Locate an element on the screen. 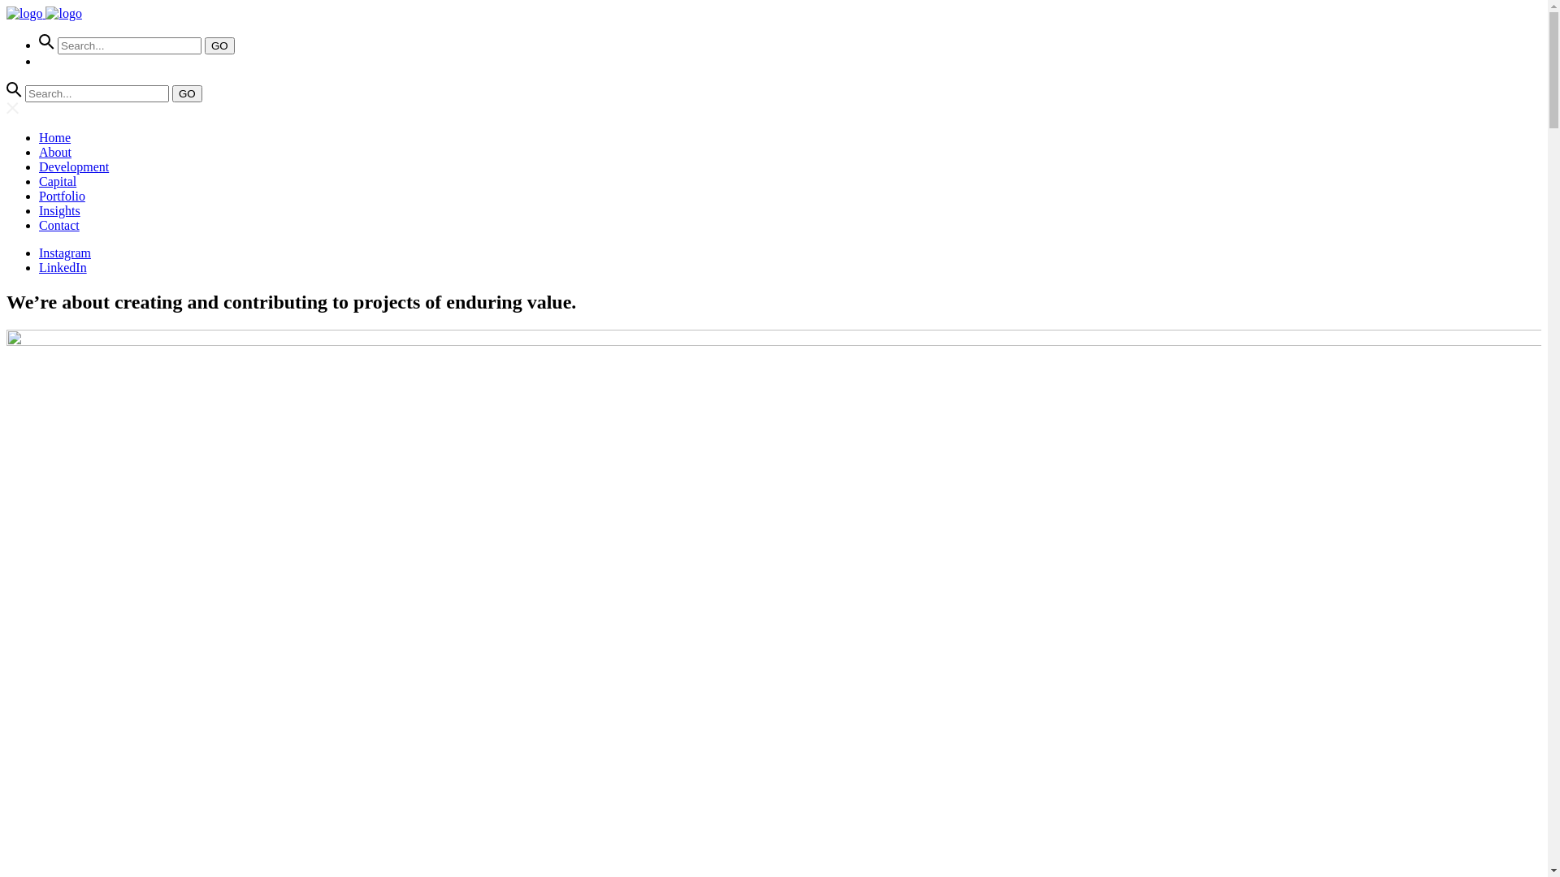 The image size is (1560, 877). 'Contact' is located at coordinates (39, 225).